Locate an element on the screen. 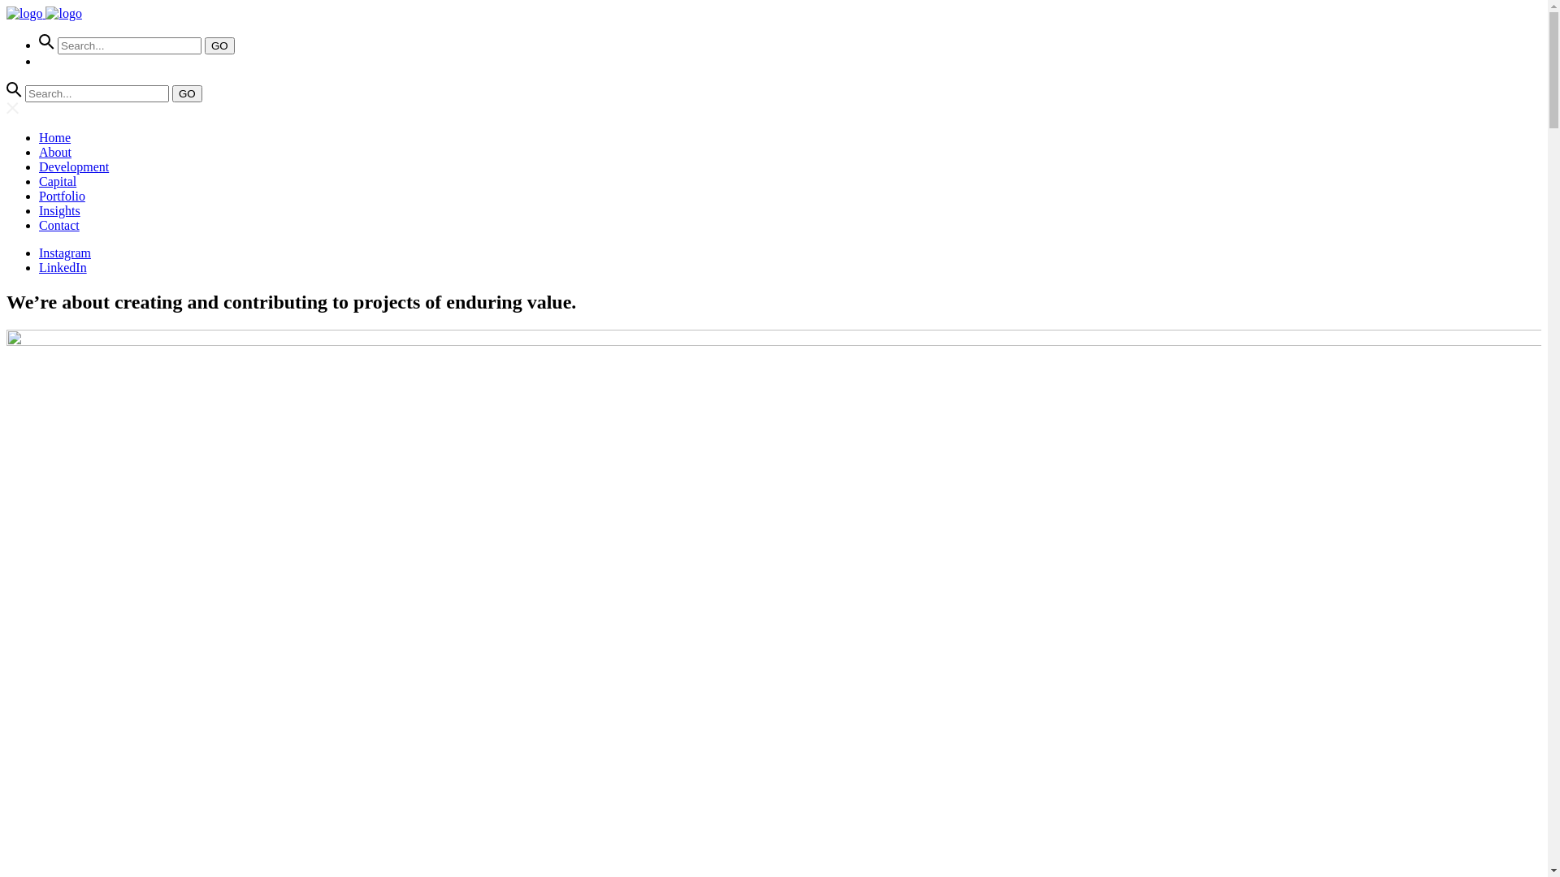 The image size is (1560, 877). 'Contact' is located at coordinates (39, 225).